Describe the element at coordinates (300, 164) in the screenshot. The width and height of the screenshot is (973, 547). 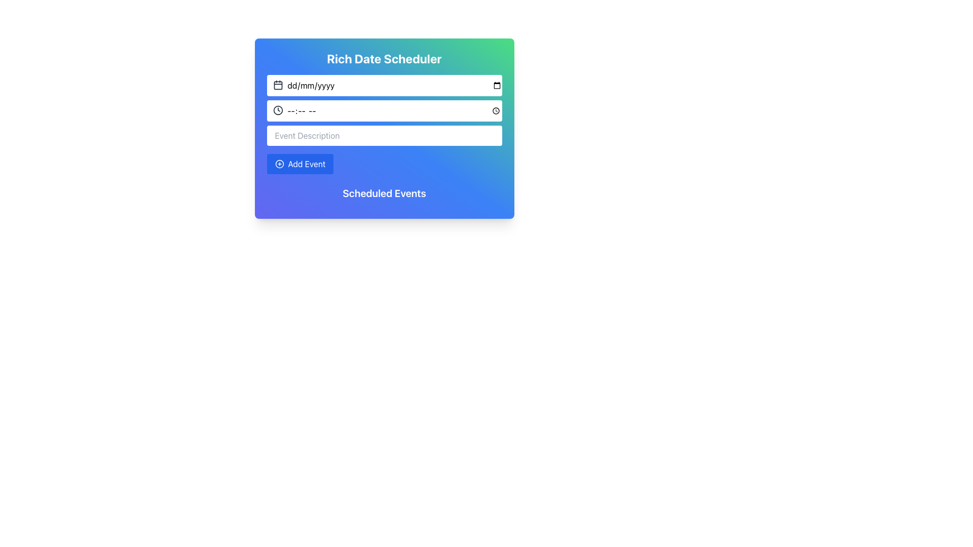
I see `the rounded blue button labeled 'Add Event'` at that location.